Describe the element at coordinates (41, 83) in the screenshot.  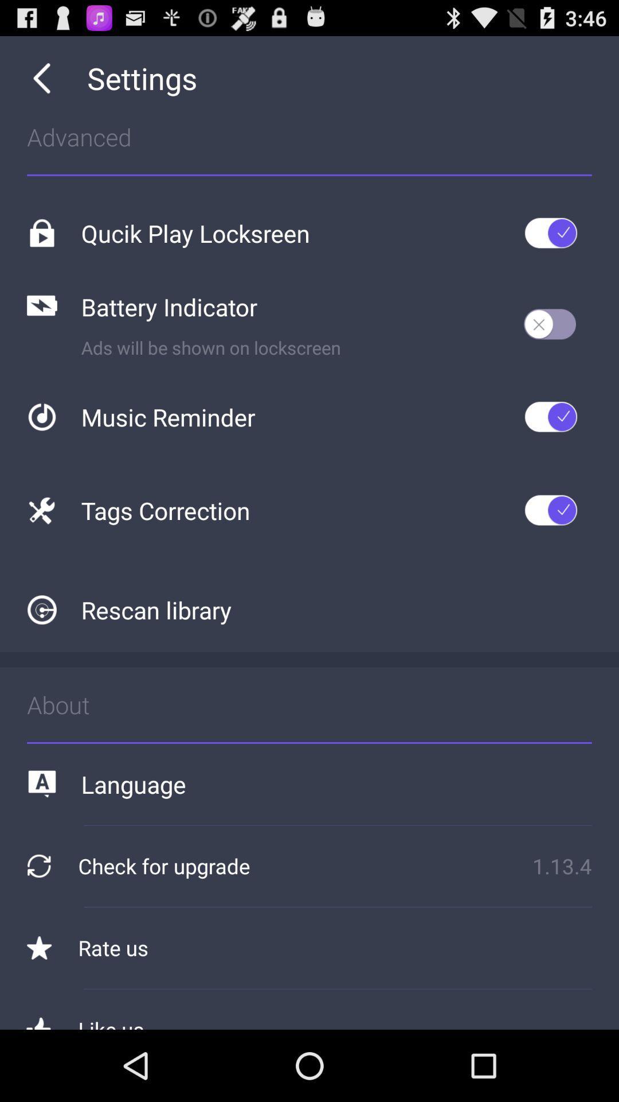
I see `the arrow_backward icon` at that location.